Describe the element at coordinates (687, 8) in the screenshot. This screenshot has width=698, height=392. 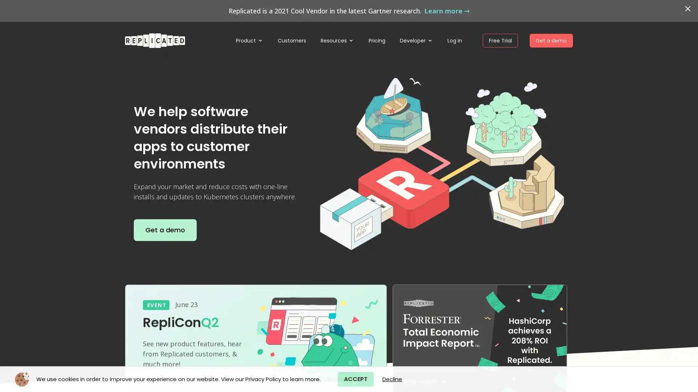
I see `Dismiss` at that location.